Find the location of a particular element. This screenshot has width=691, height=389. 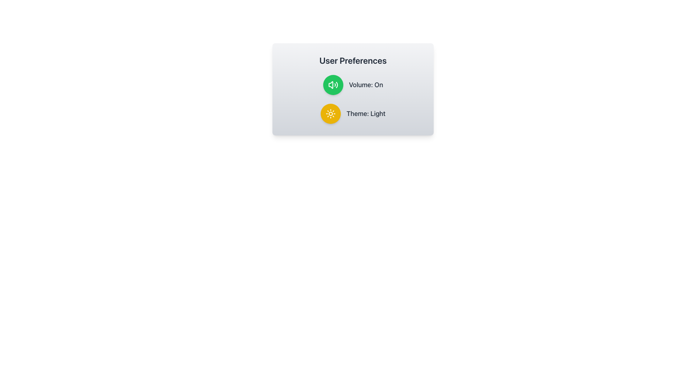

the Circular Button representing the theme toggle located beneath the green circular button for 'Volume: On' and to the left of the text 'Theme: Light' in the 'User Preferences' section to highlight it is located at coordinates (330, 113).